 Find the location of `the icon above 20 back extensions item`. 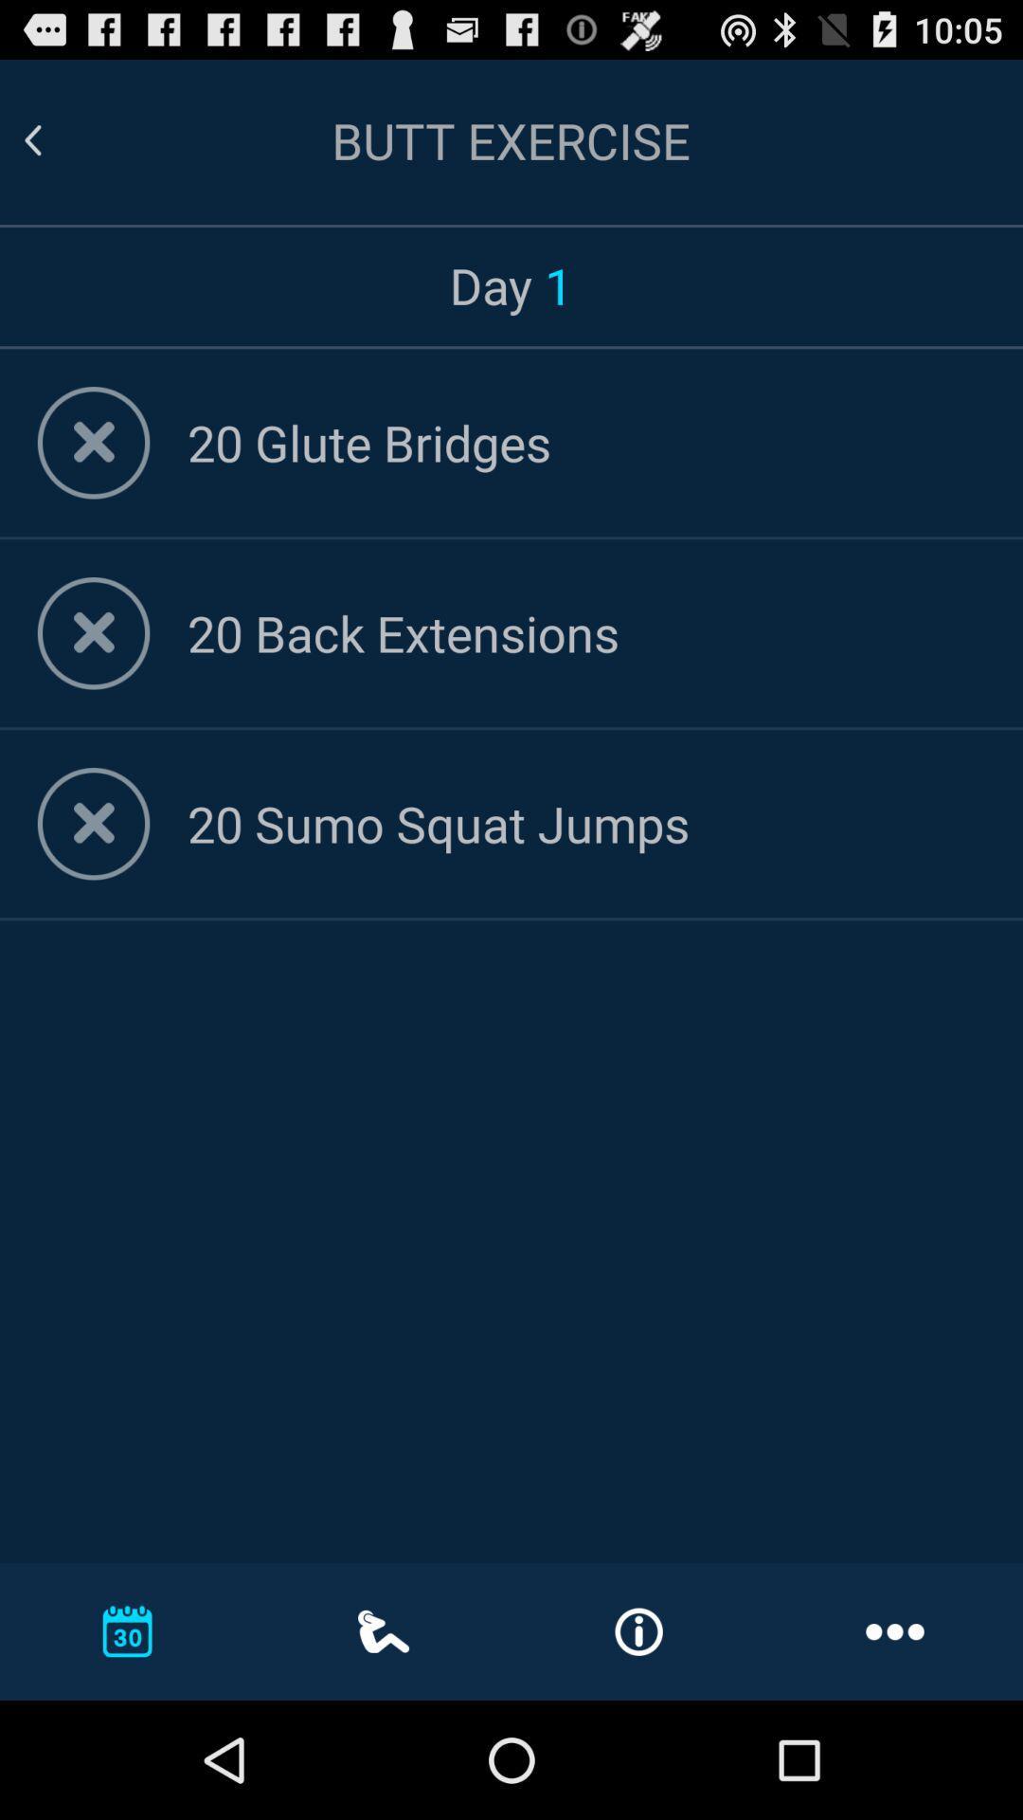

the icon above 20 back extensions item is located at coordinates (585, 441).